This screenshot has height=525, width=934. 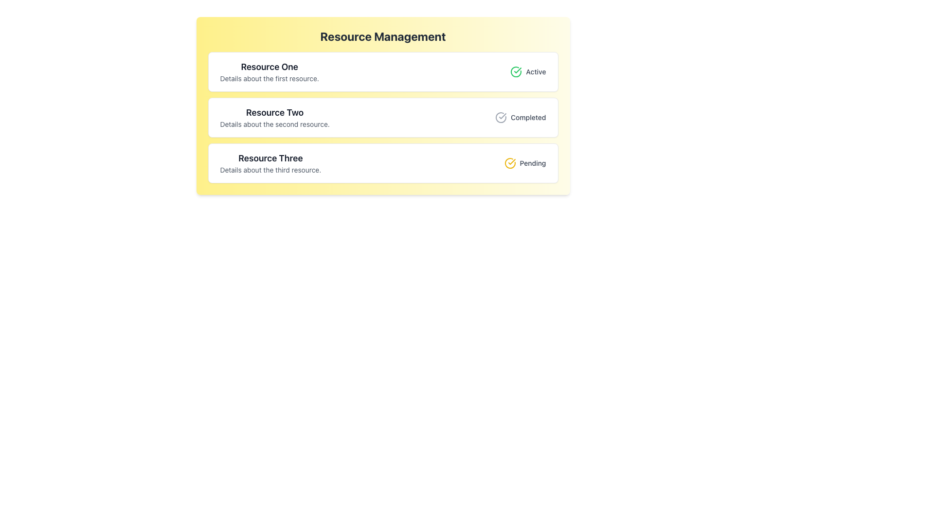 I want to click on the small circular arc styled with yellow color, which is part of the icon located to the right of the 'Pending' label in the bottom row of three sections, so click(x=509, y=162).